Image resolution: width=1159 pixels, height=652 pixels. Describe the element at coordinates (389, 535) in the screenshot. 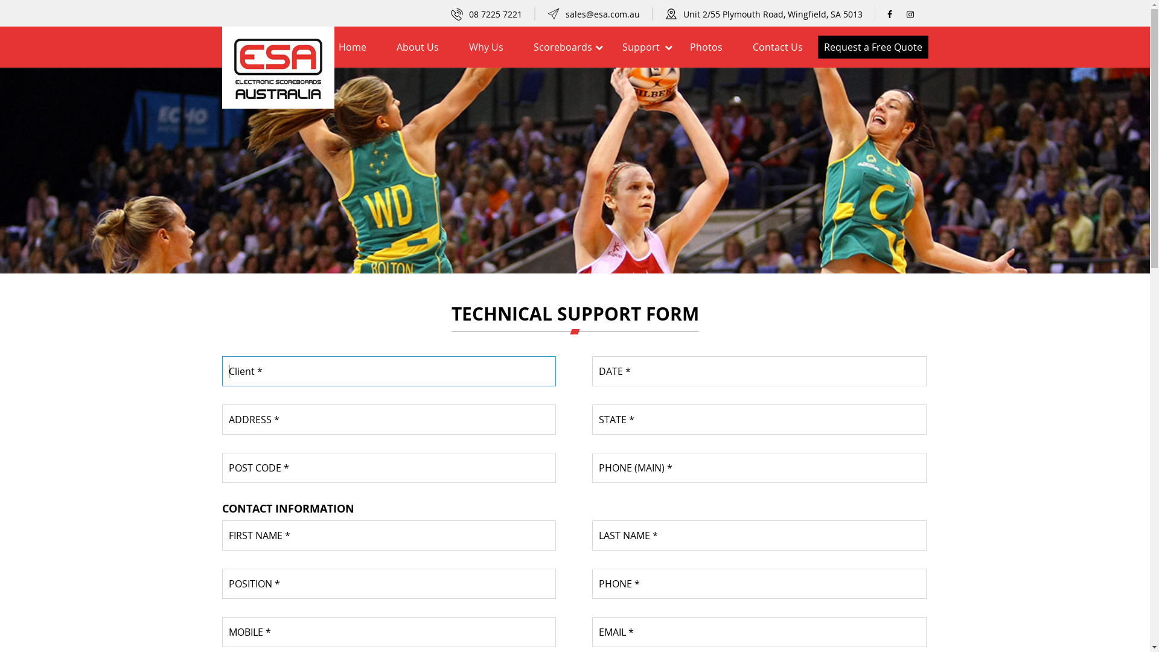

I see `'FIRST NAME'` at that location.